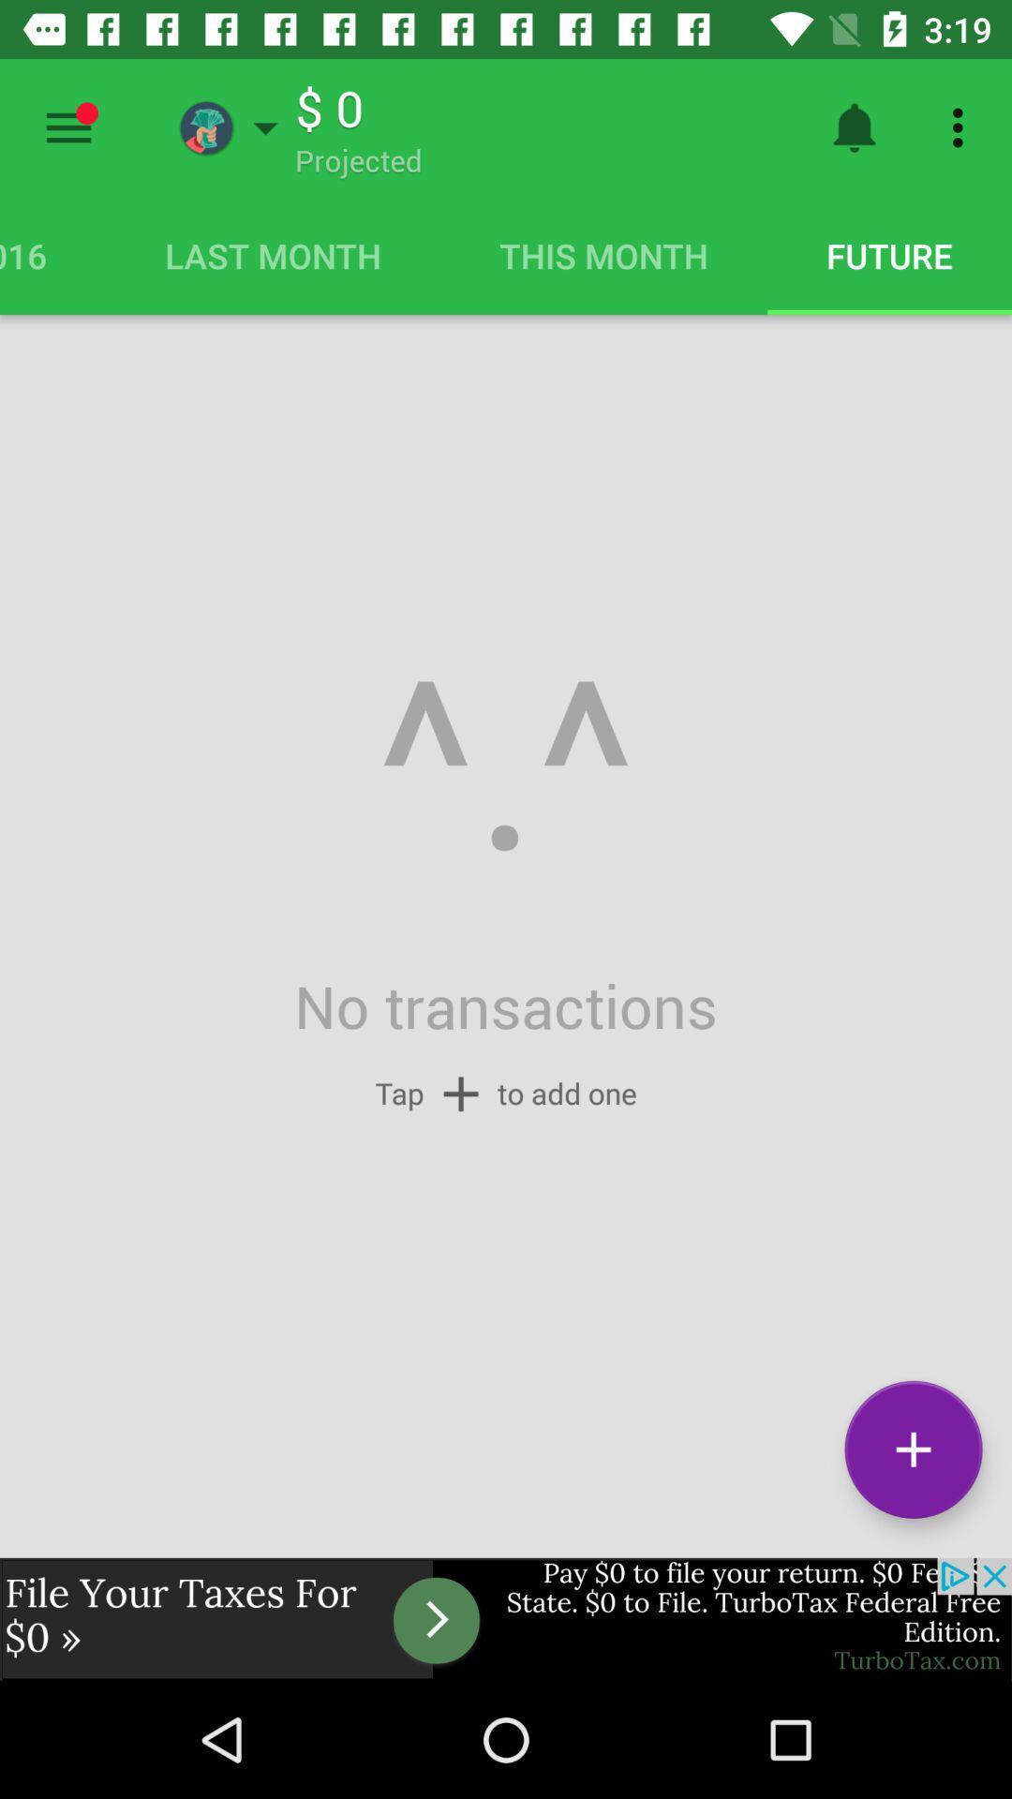  What do you see at coordinates (67, 126) in the screenshot?
I see `money manager budget planner goal wallet reporting linked wallet credit wallet` at bounding box center [67, 126].